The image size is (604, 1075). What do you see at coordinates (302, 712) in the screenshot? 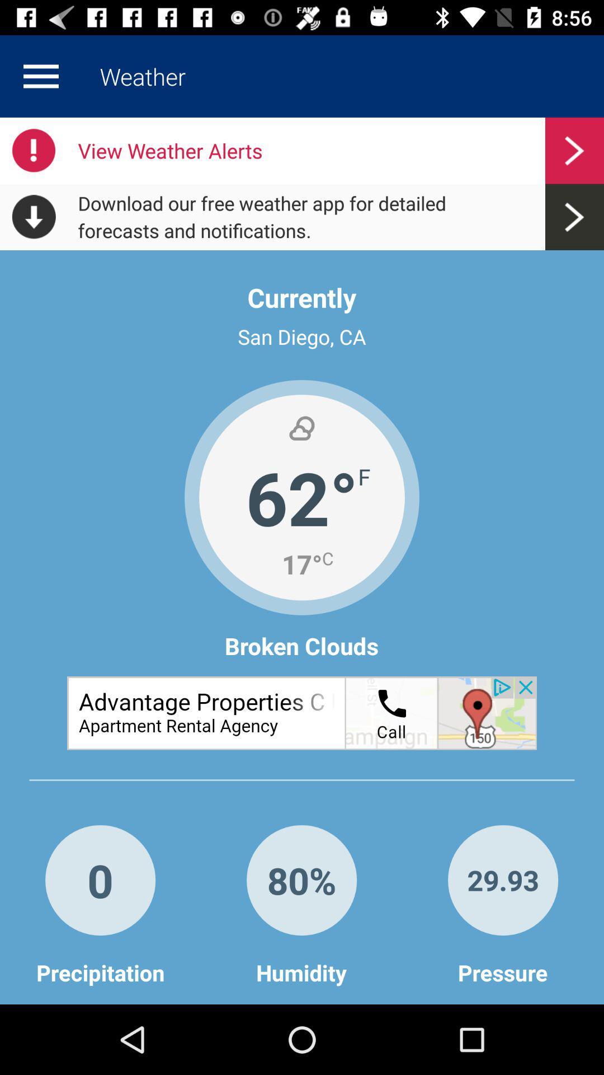
I see `google map` at bounding box center [302, 712].